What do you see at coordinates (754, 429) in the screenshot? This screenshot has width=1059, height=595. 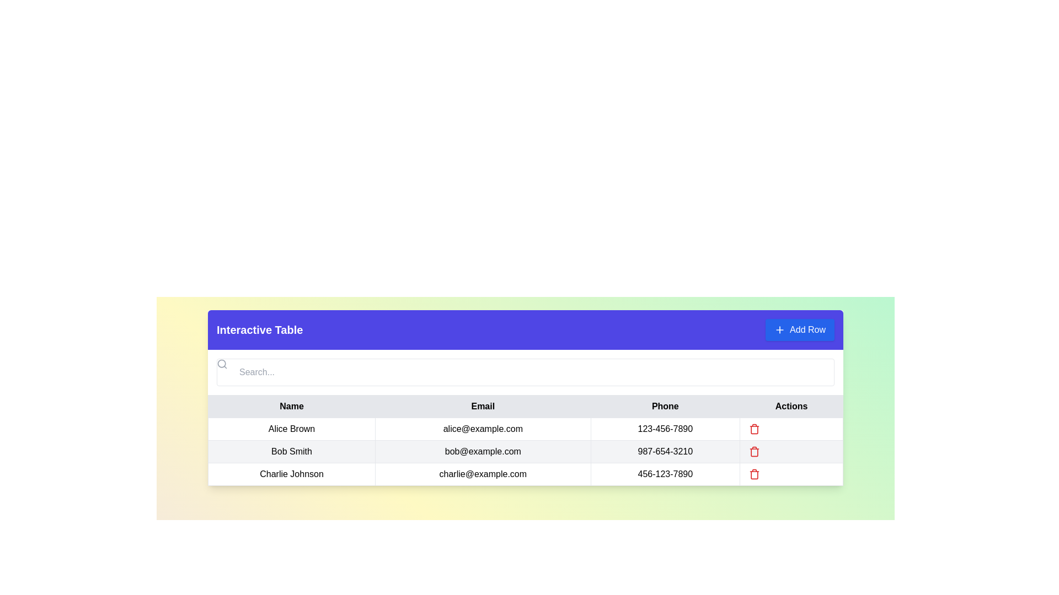 I see `the small red trash icon button located in the 'Actions' column of the second row of the data table, aligned with 'Bob Smith's' email and phone details` at bounding box center [754, 429].